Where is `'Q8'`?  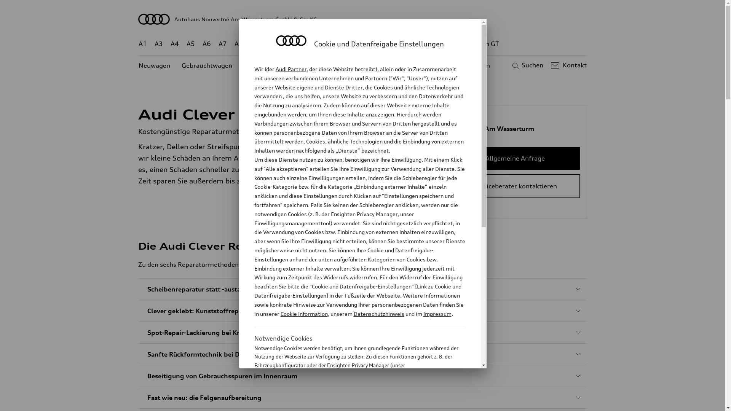
'Q8' is located at coordinates (356, 44).